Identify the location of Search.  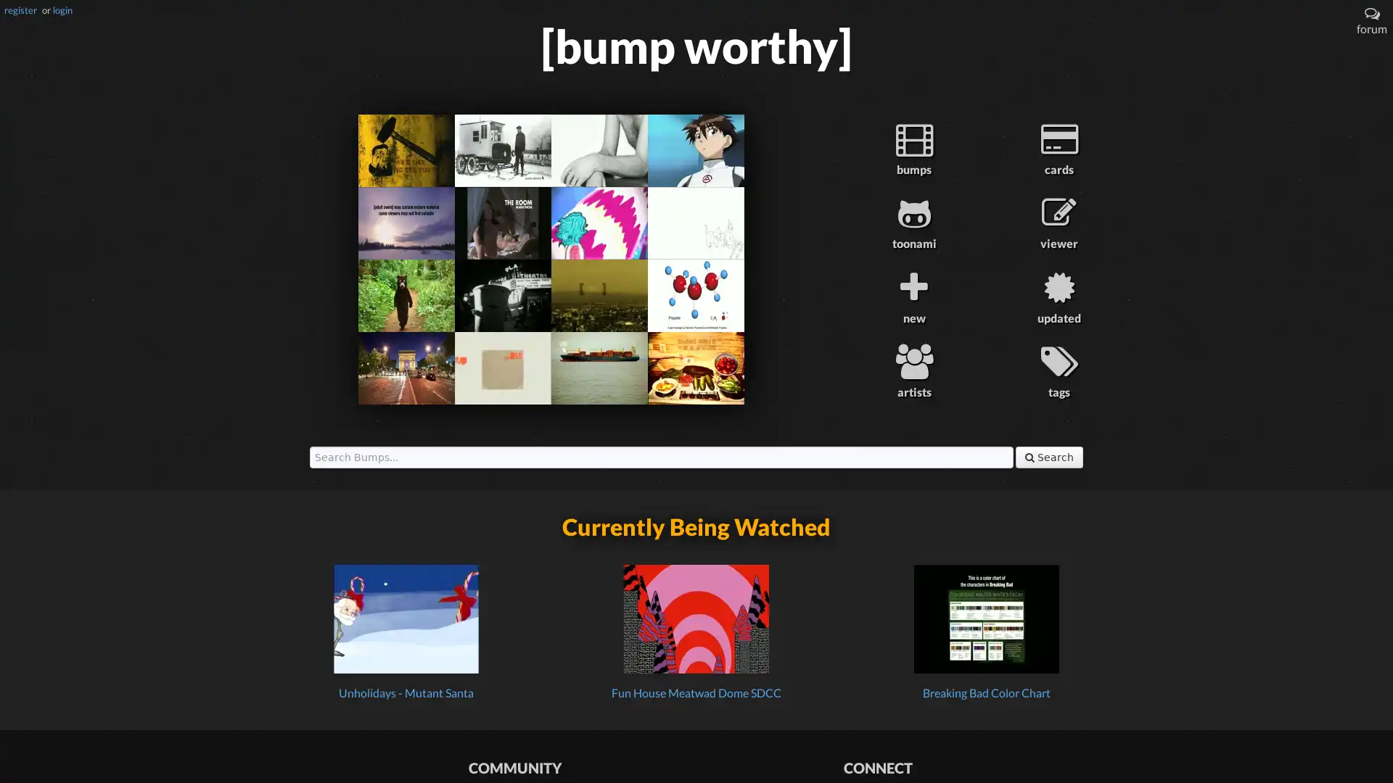
(1049, 455).